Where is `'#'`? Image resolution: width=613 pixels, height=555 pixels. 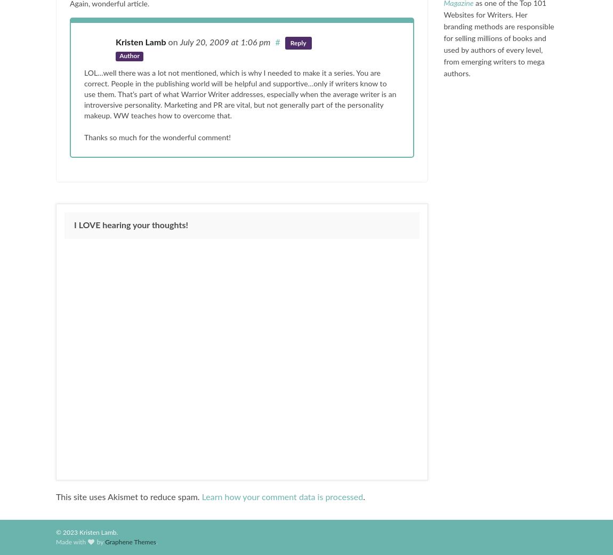
'#' is located at coordinates (277, 42).